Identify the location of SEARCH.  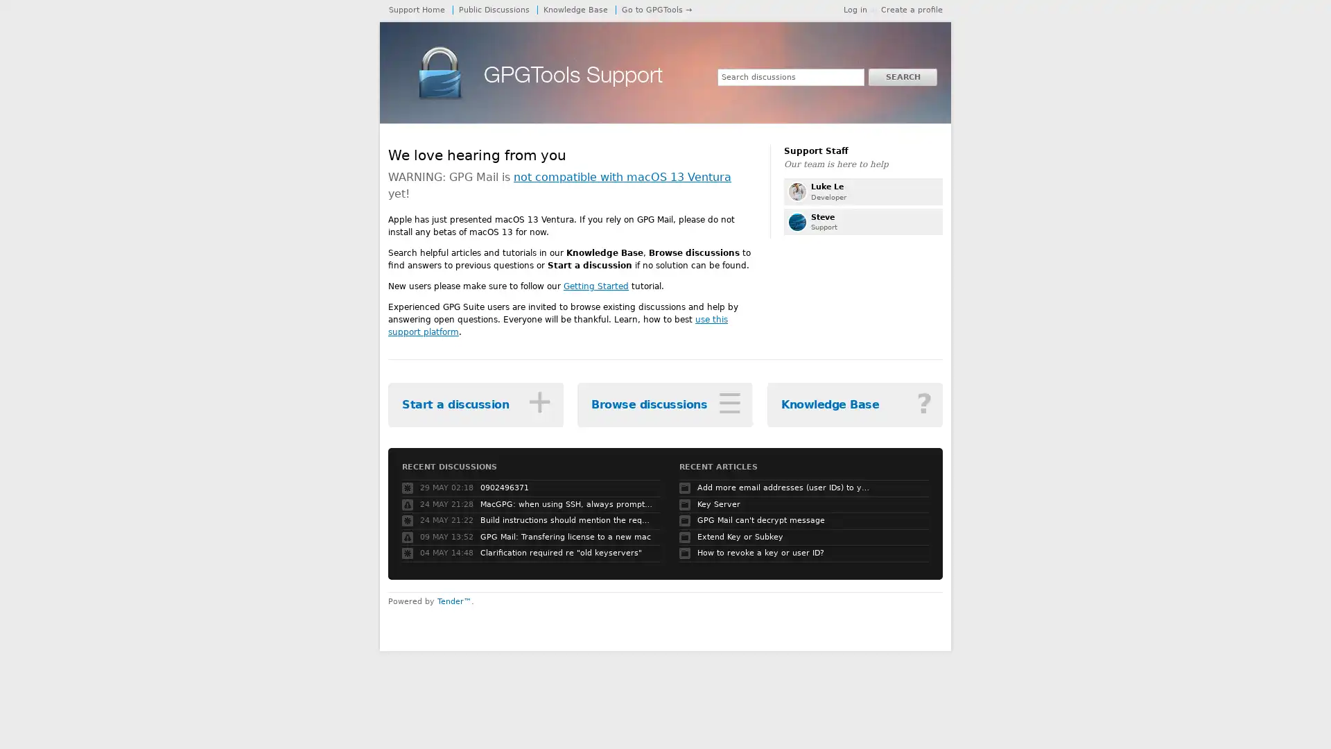
(903, 76).